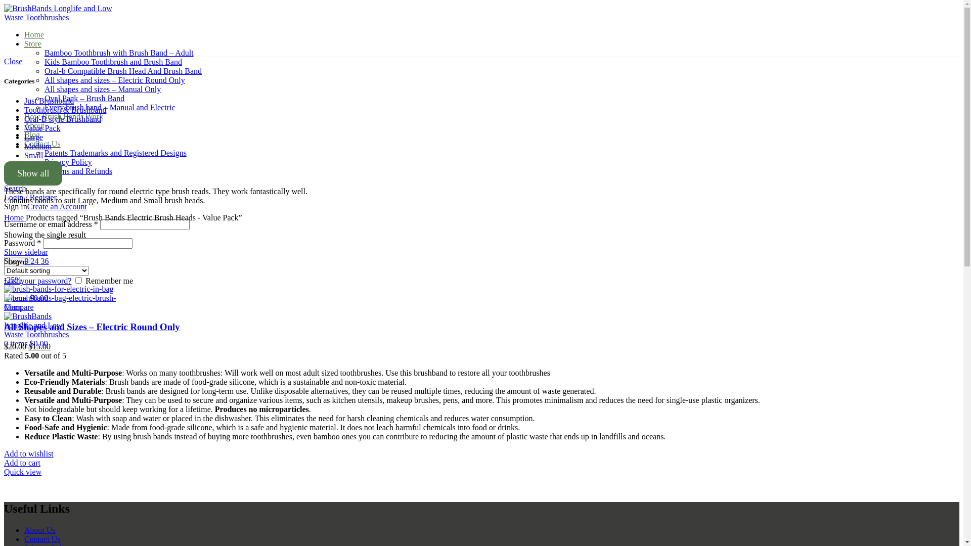 The height and width of the screenshot is (546, 971). Describe the element at coordinates (34, 34) in the screenshot. I see `'Home'` at that location.